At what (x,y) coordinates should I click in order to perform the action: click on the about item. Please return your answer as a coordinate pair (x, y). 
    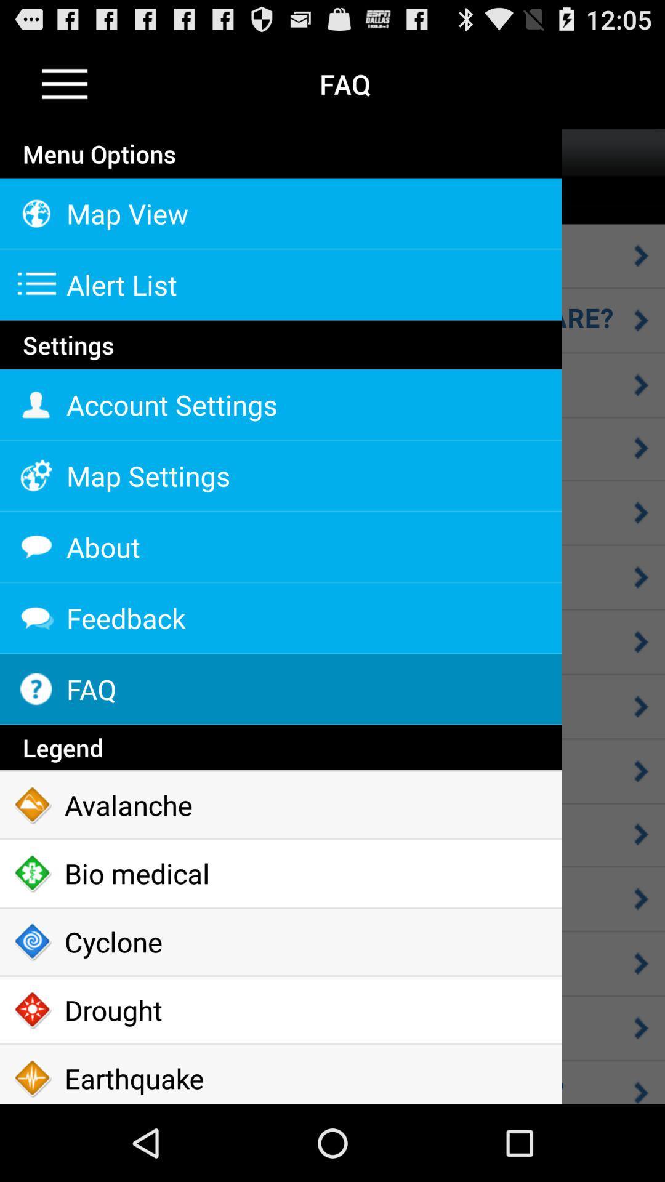
    Looking at the image, I should click on (280, 546).